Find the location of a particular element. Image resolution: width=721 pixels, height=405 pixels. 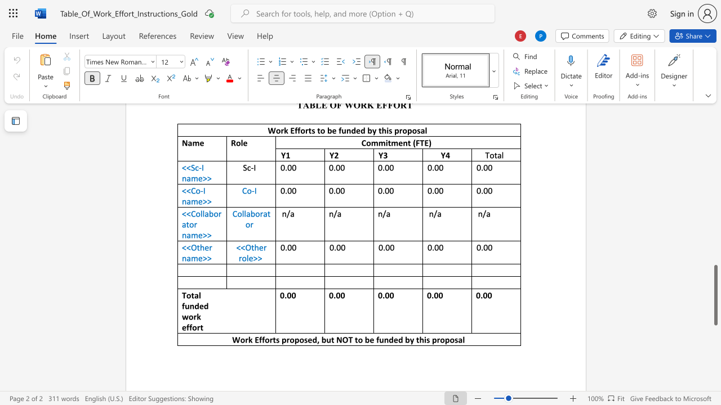

the scrollbar to scroll the page up is located at coordinates (715, 196).